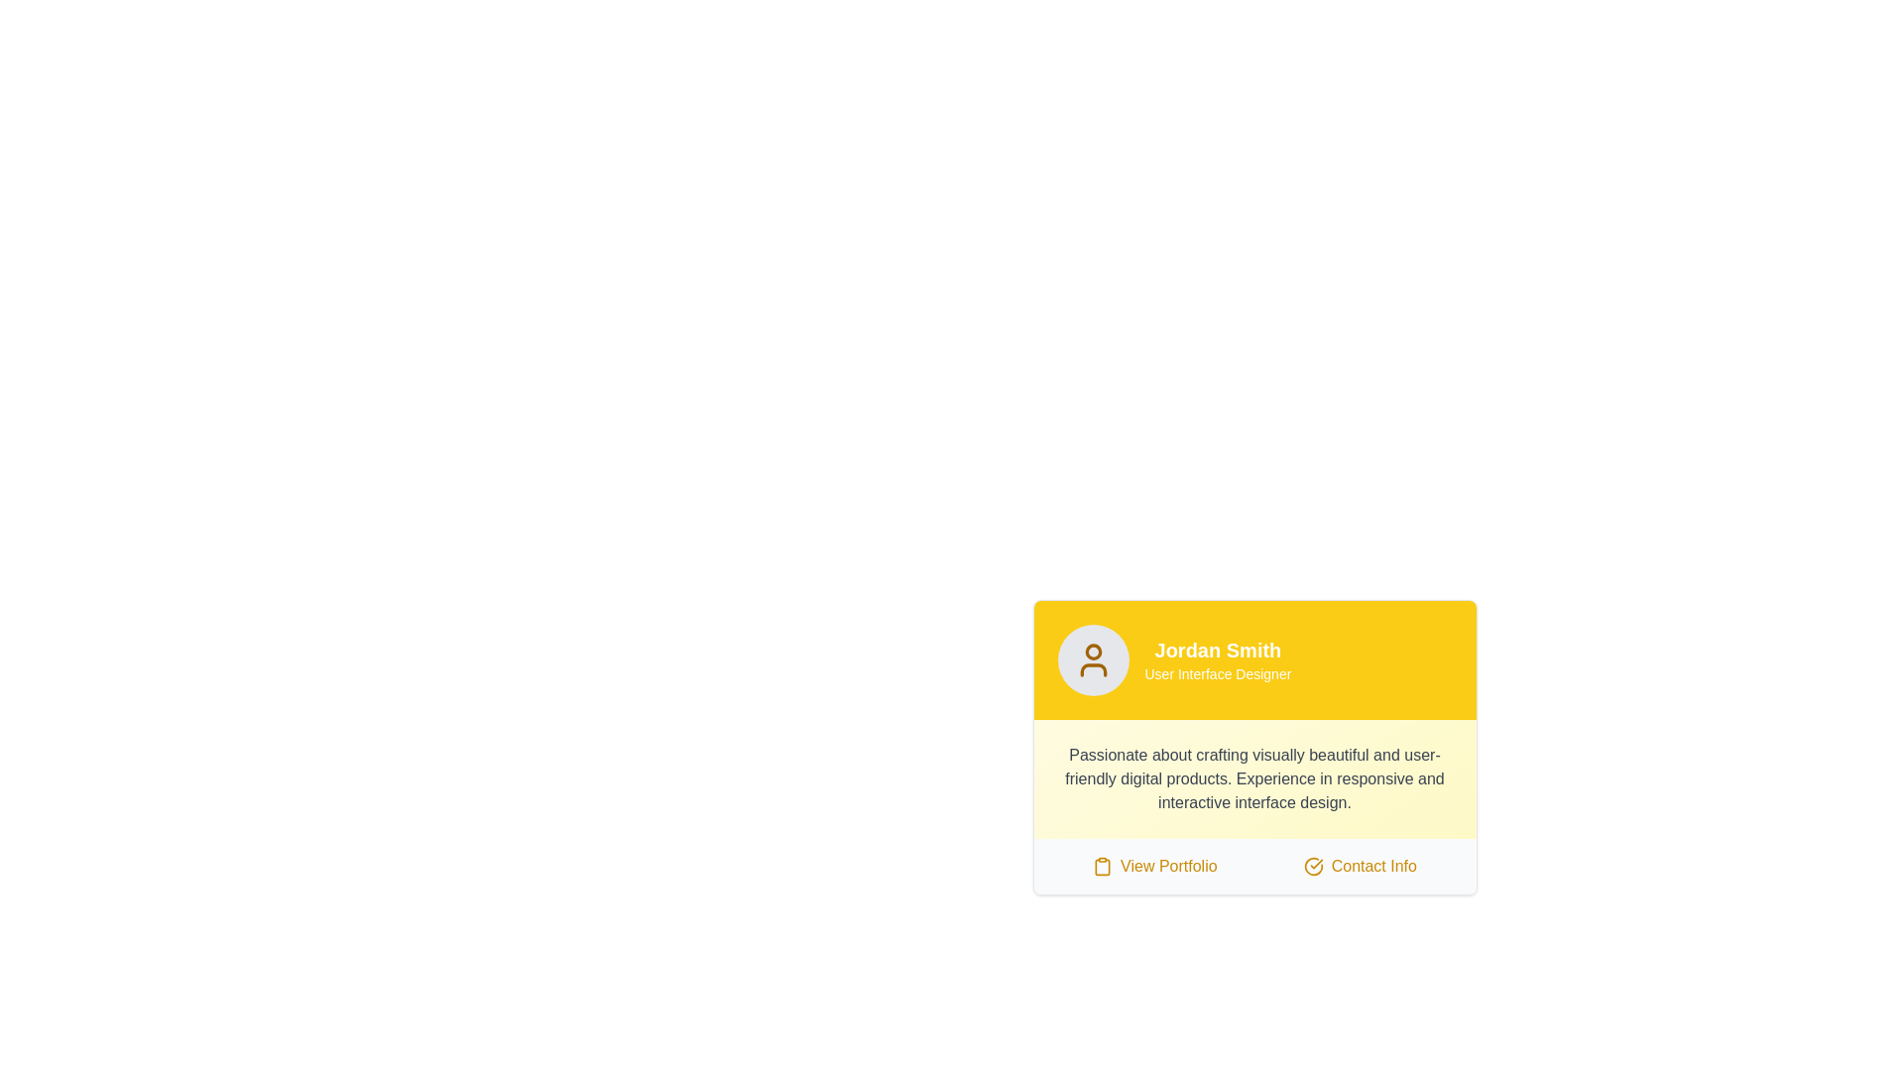 This screenshot has width=1904, height=1071. Describe the element at coordinates (1092, 660) in the screenshot. I see `the Avatar Icon located on the far left inside the yellow banner adjacent to the user's name and title ('Jordan Smith - User Interface Designer')` at that location.